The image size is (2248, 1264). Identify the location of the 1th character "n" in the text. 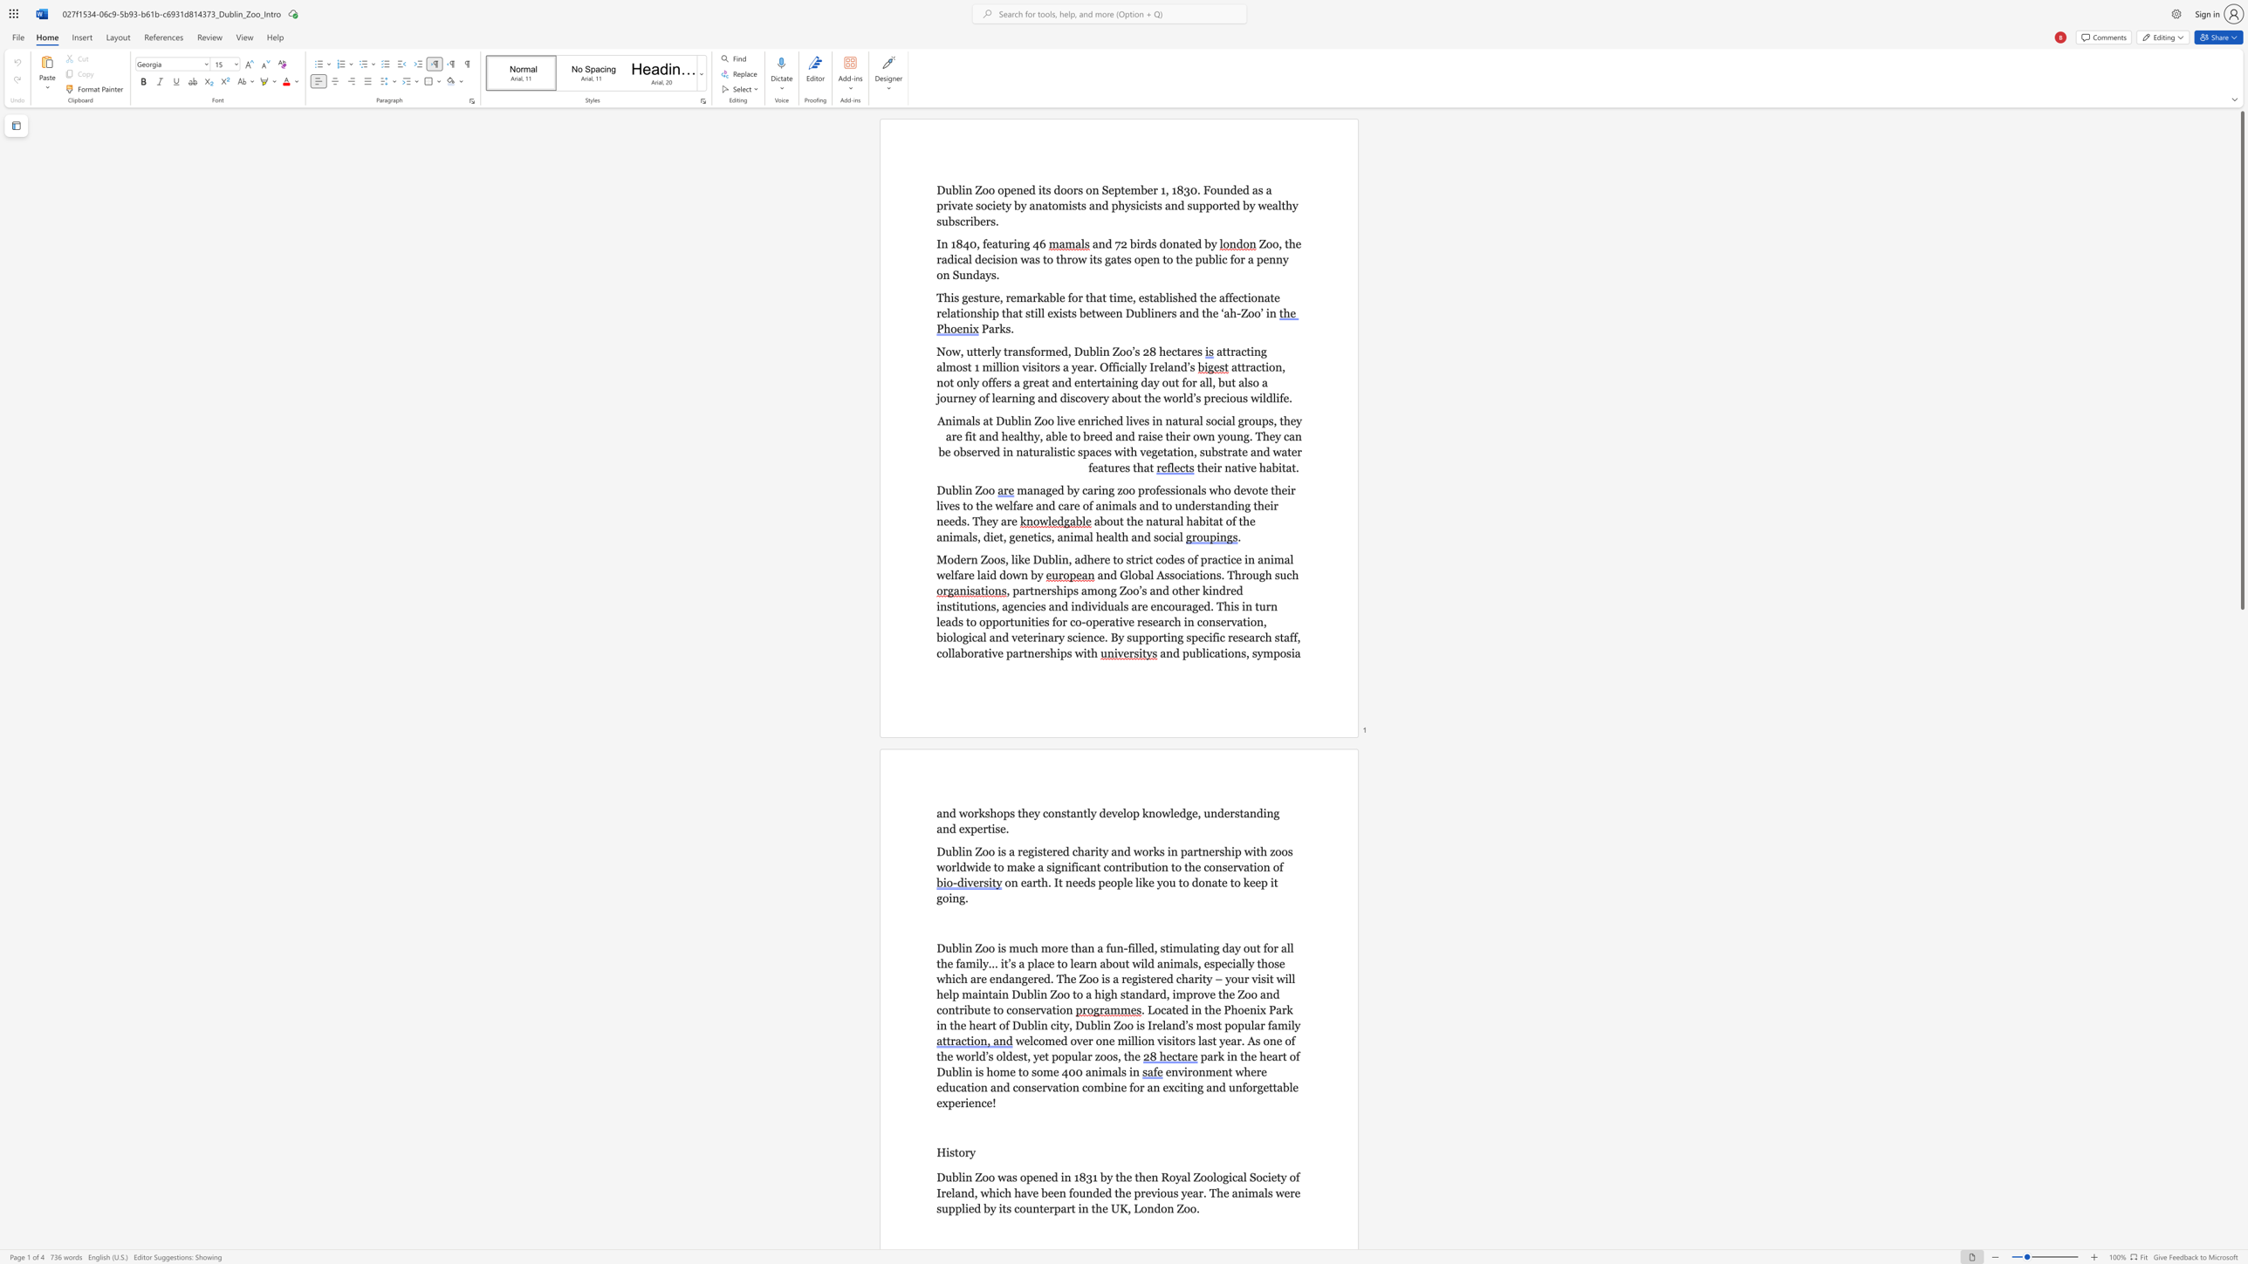
(969, 489).